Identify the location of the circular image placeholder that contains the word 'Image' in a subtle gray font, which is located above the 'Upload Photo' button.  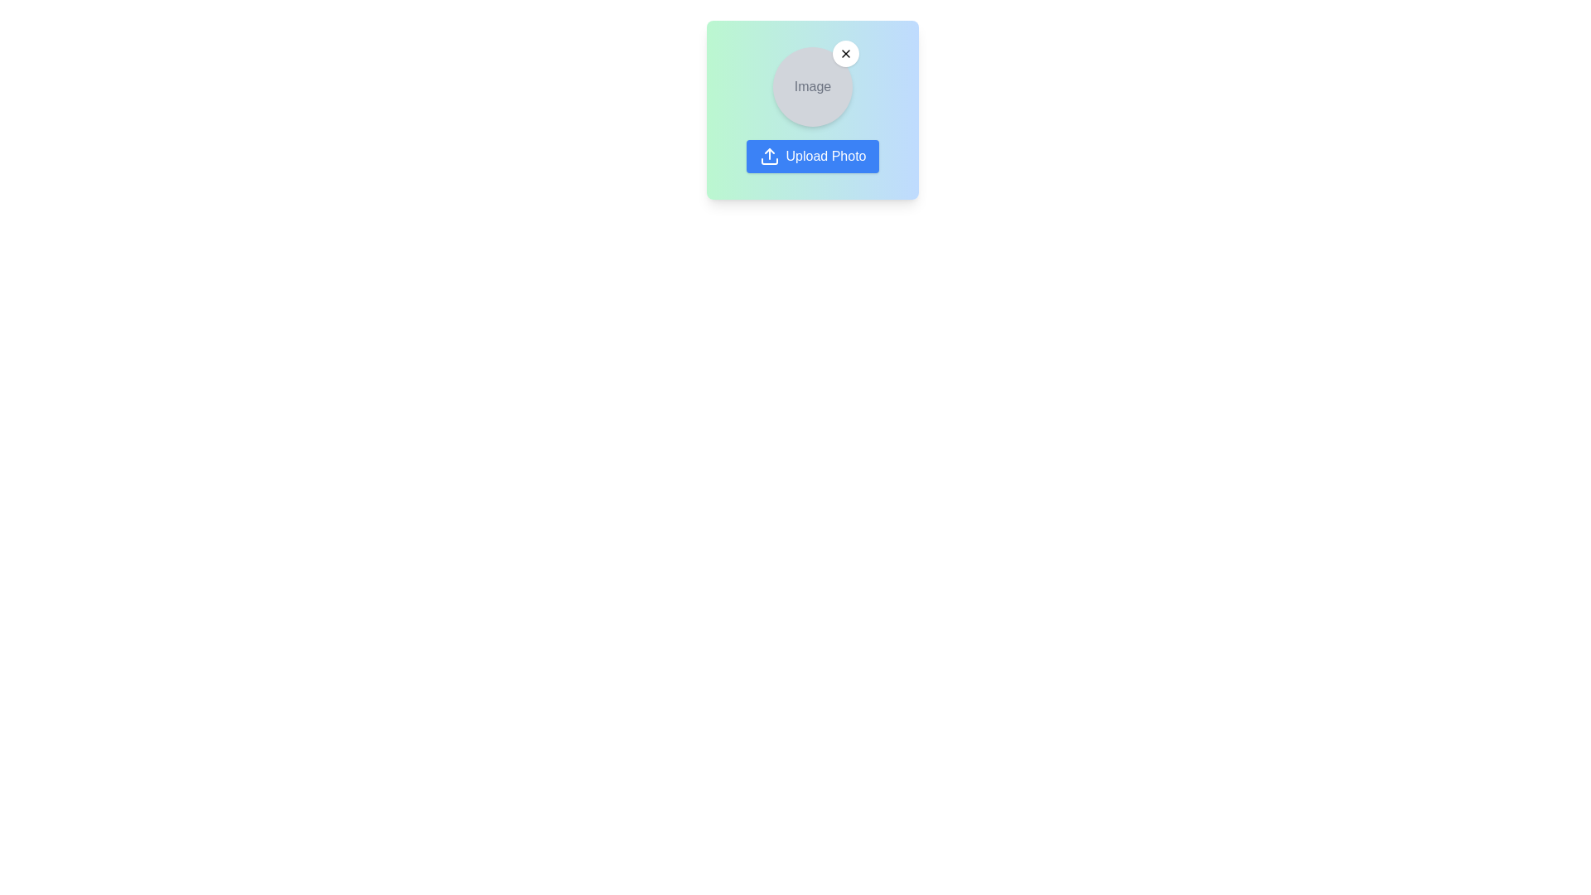
(812, 86).